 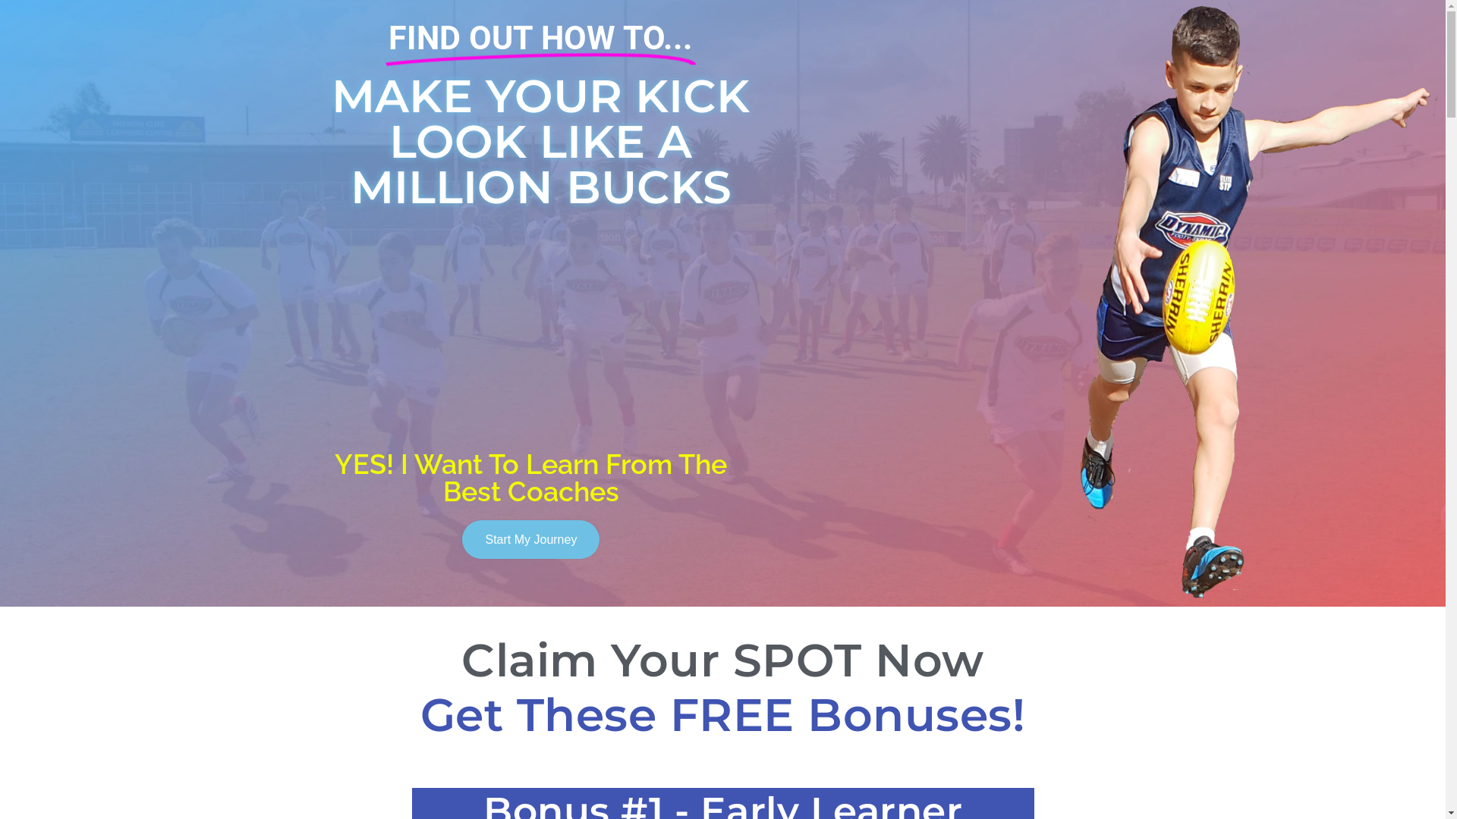 What do you see at coordinates (530, 538) in the screenshot?
I see `'Start My Journey'` at bounding box center [530, 538].